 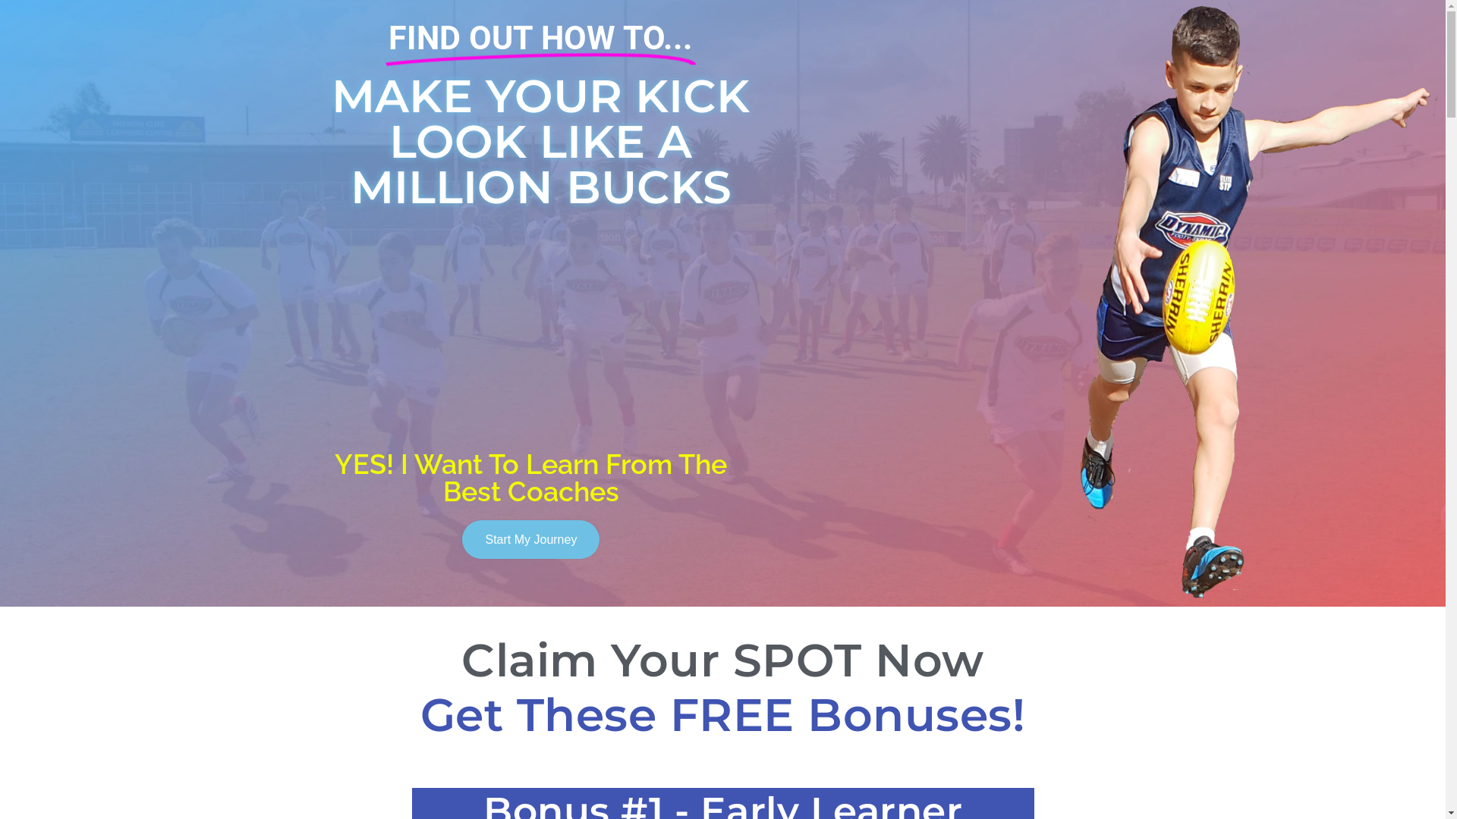 What do you see at coordinates (530, 538) in the screenshot?
I see `'Start My Journey'` at bounding box center [530, 538].